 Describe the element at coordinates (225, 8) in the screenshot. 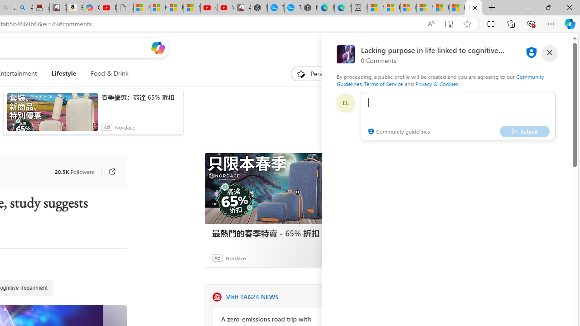

I see `'YouTube Kids - An App Created for Kids to Explore Content'` at that location.